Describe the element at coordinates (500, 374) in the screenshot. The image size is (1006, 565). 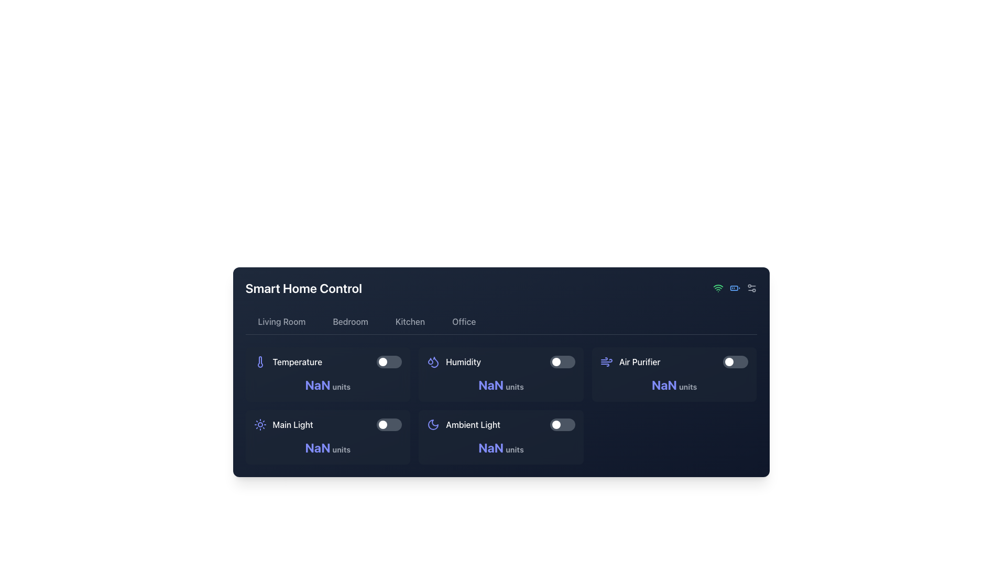
I see `the humidity informational card, which is the second item in a grid layout, displaying a NaN value` at that location.